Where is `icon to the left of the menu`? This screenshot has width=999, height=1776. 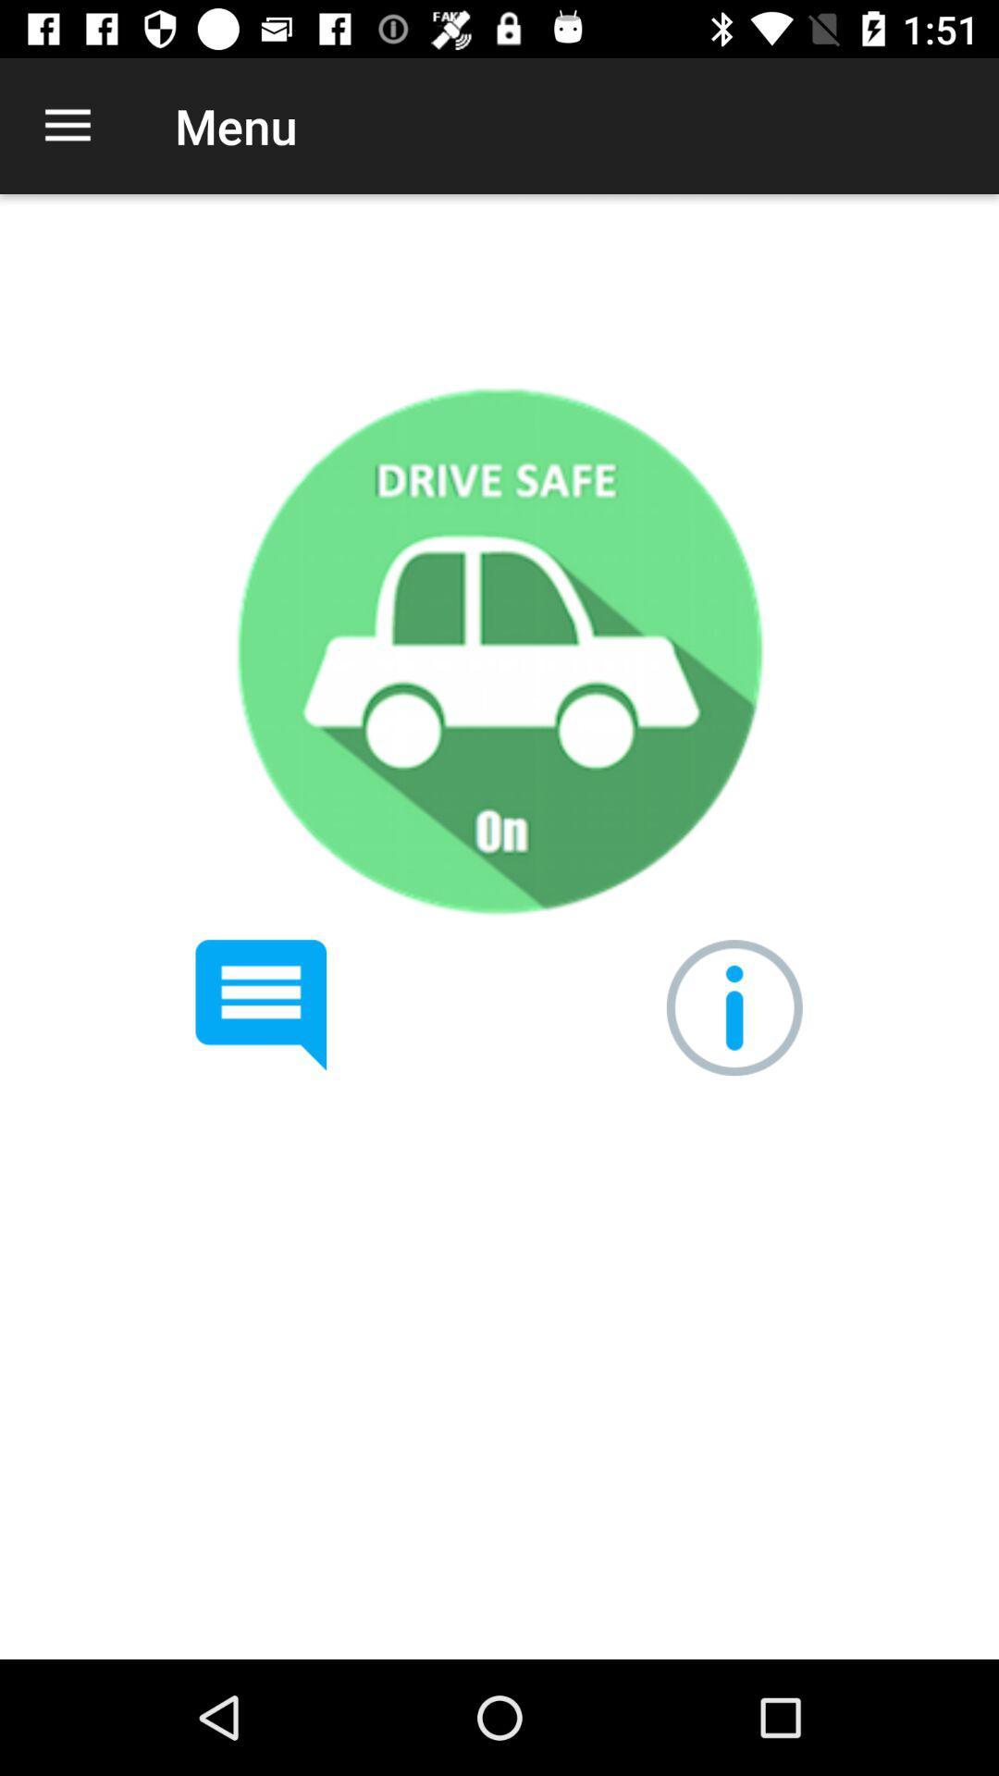
icon to the left of the menu is located at coordinates (67, 125).